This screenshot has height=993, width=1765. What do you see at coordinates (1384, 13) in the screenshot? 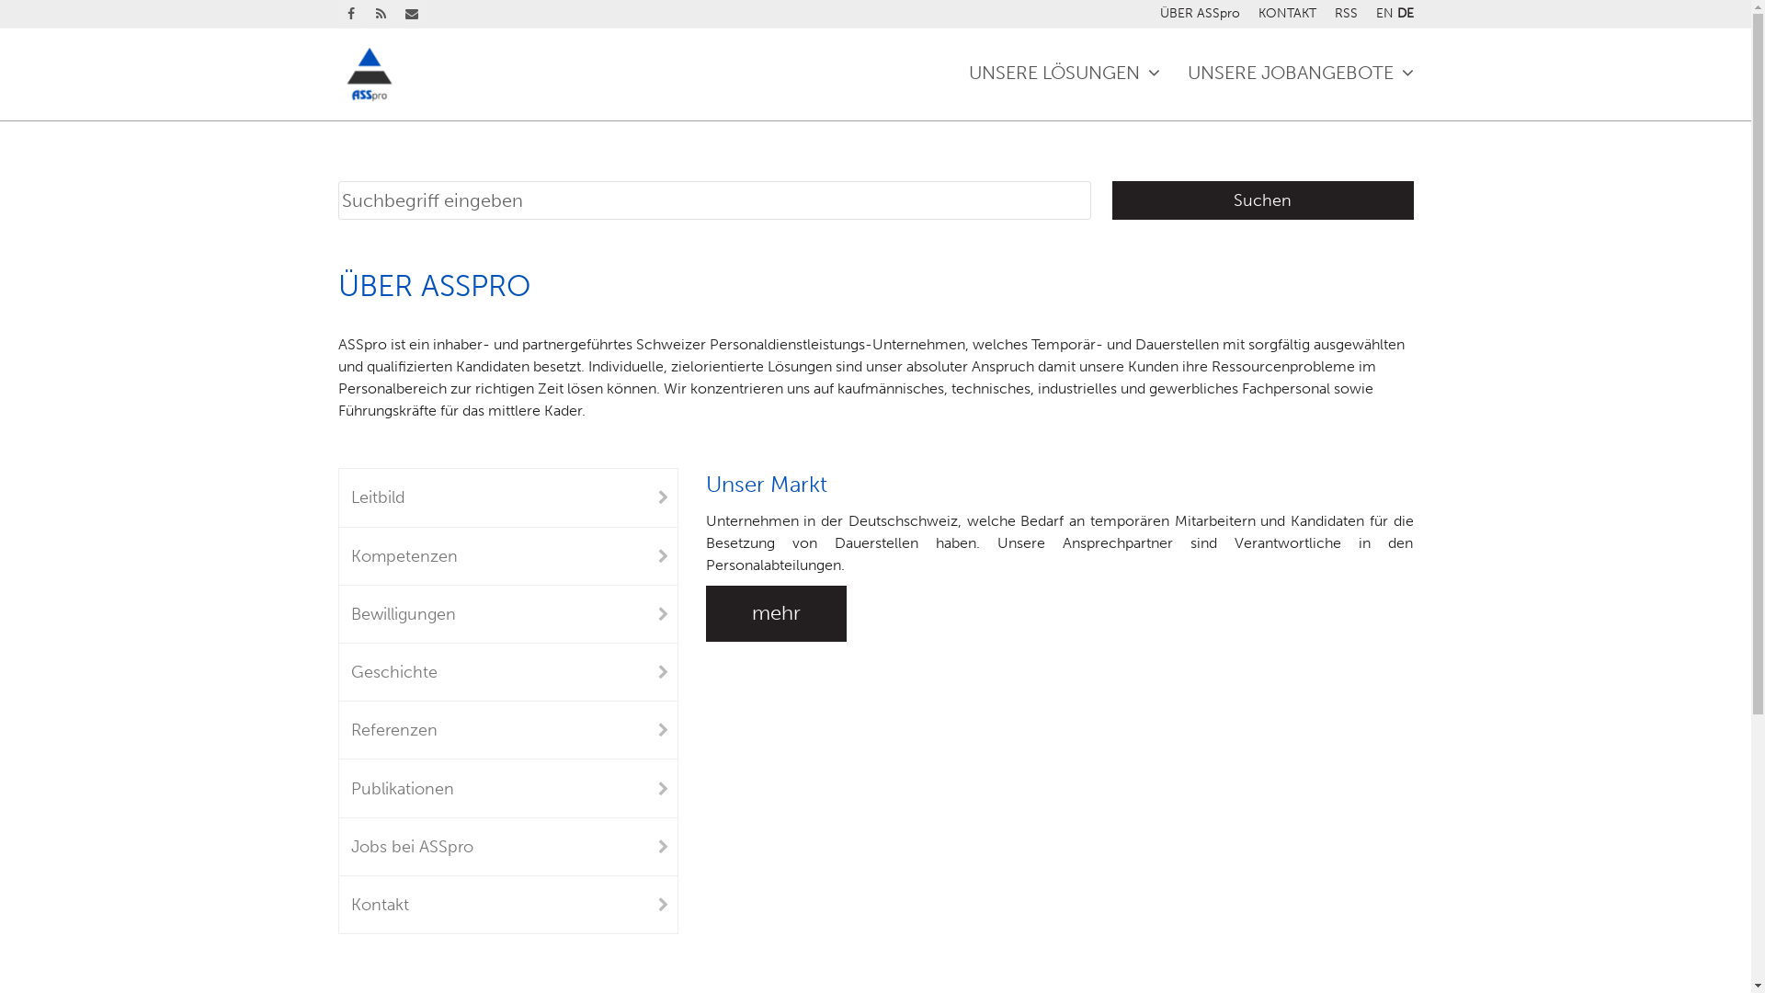
I see `'EN'` at bounding box center [1384, 13].